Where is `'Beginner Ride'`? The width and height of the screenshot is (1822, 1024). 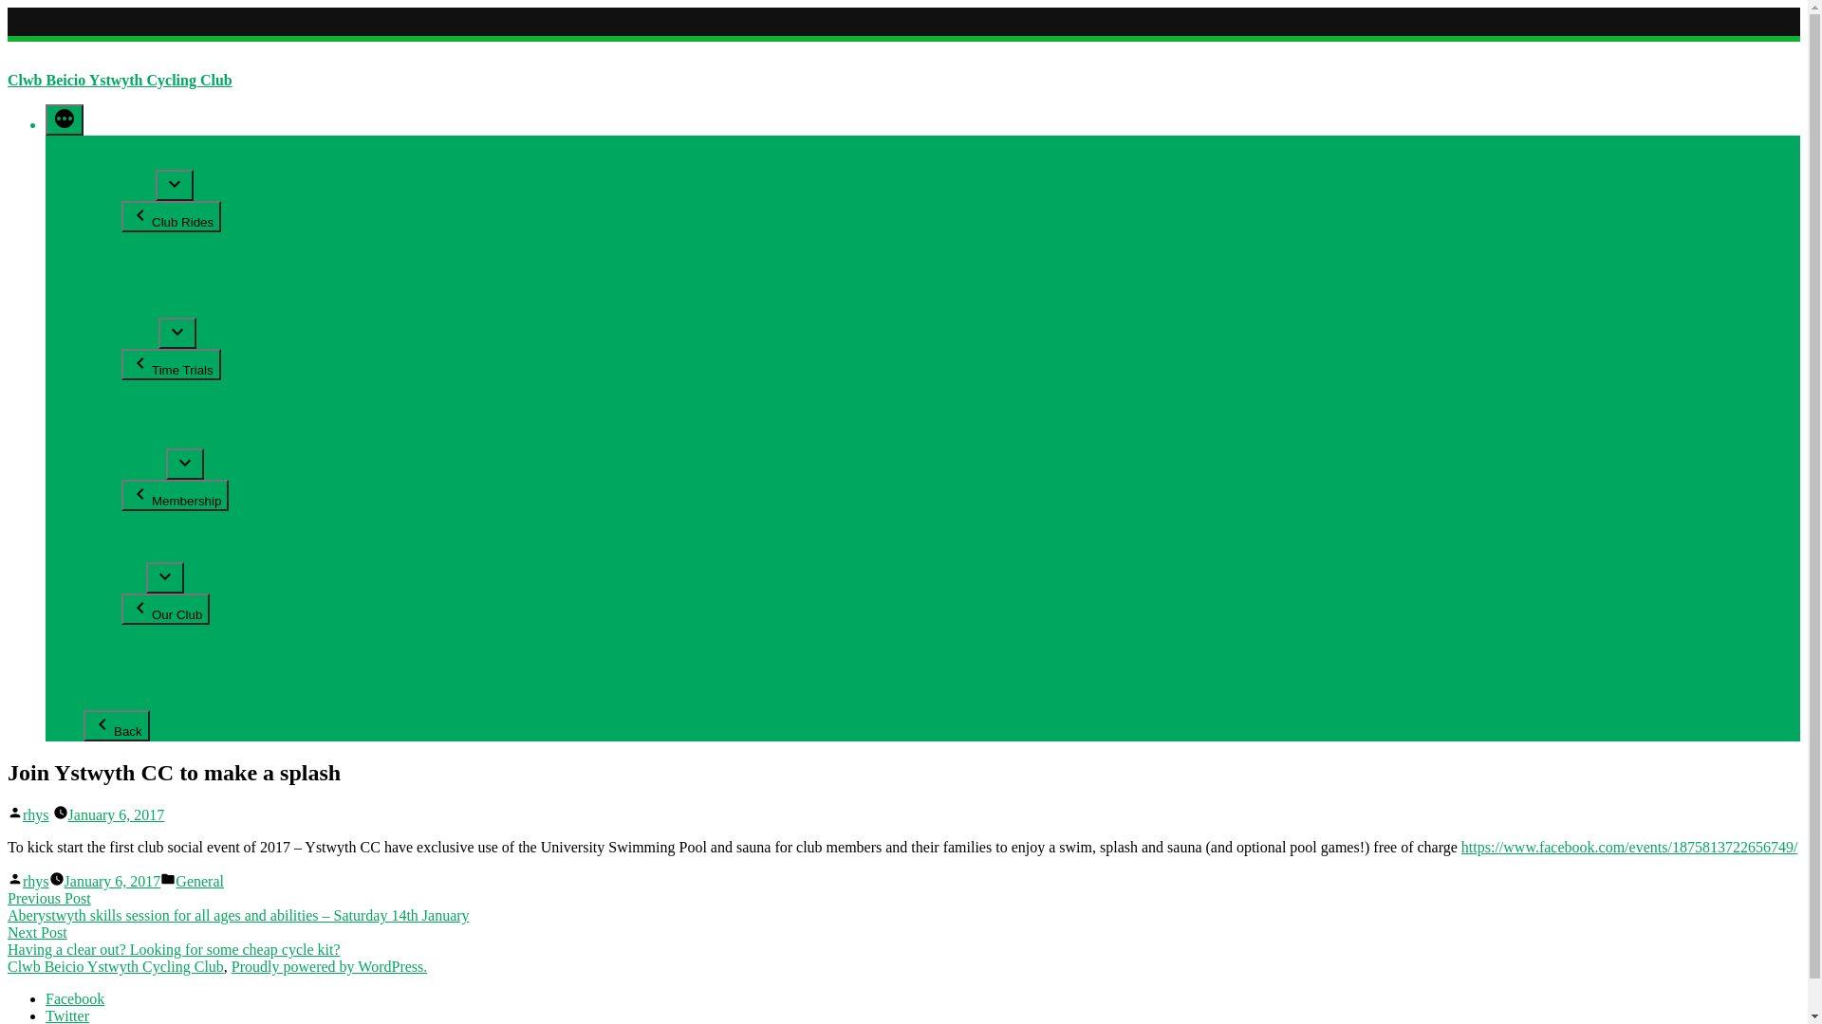
'Beginner Ride' is located at coordinates (168, 239).